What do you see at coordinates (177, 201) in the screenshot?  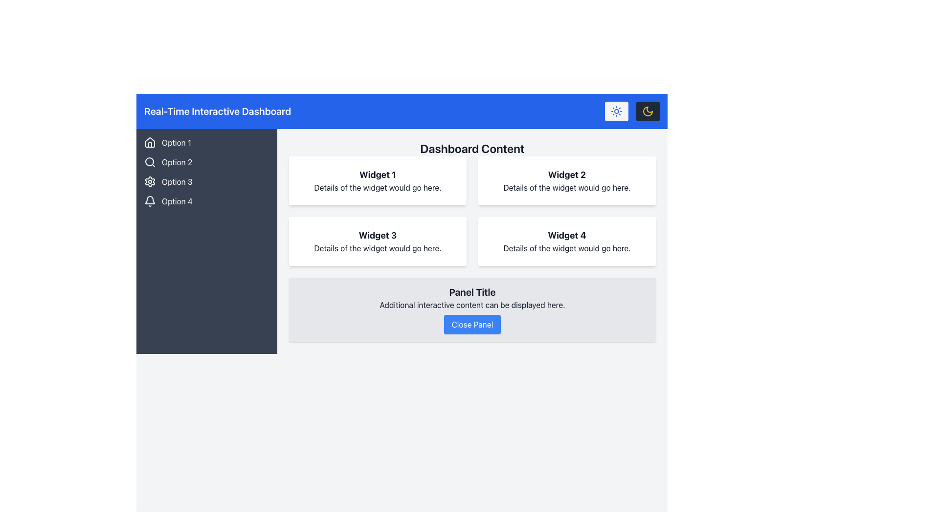 I see `the 'Option 4' text label located in the vertical navigation menu` at bounding box center [177, 201].